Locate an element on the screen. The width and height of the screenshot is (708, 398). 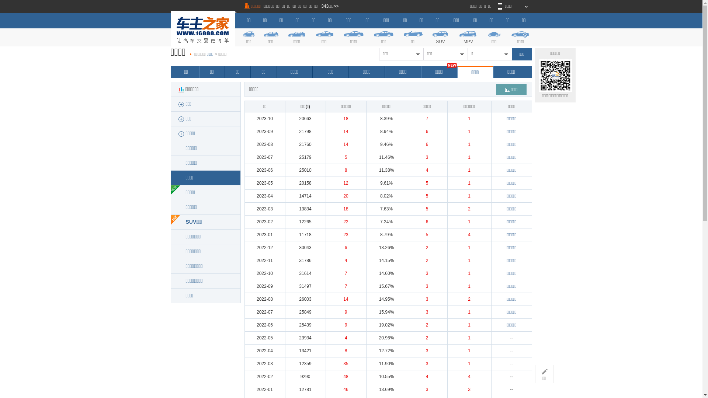
'48' is located at coordinates (345, 377).